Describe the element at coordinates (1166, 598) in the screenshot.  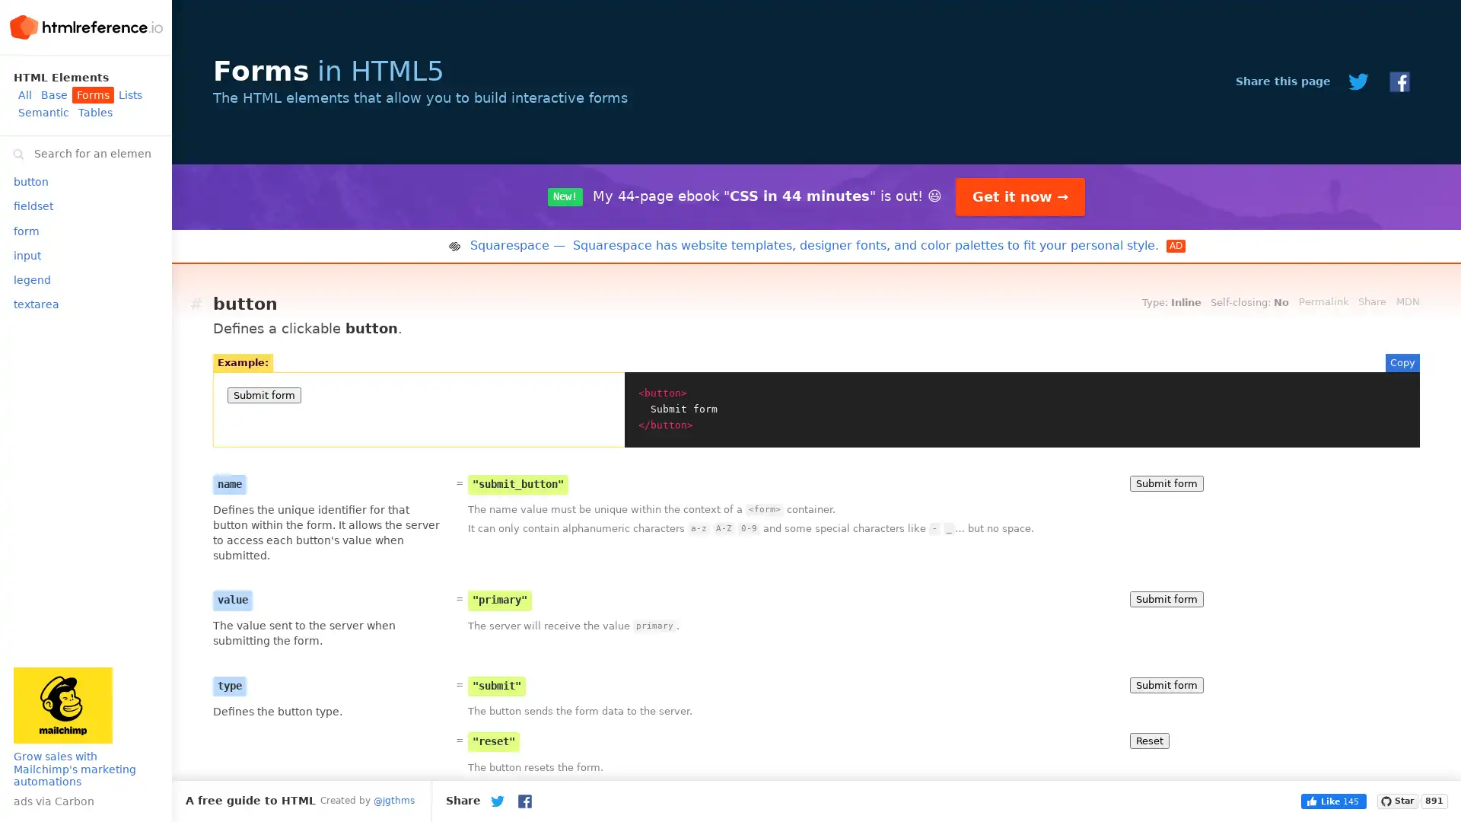
I see `Submit form` at that location.